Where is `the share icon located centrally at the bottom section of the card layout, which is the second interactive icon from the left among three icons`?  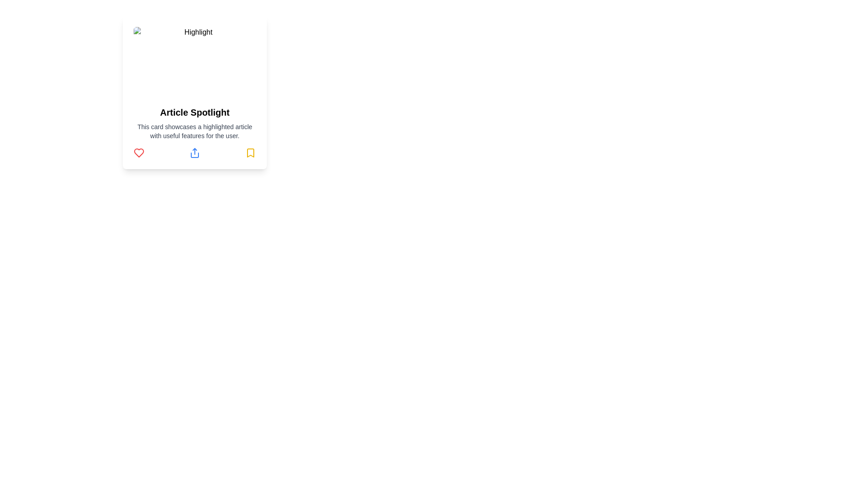
the share icon located centrally at the bottom section of the card layout, which is the second interactive icon from the left among three icons is located at coordinates (194, 152).